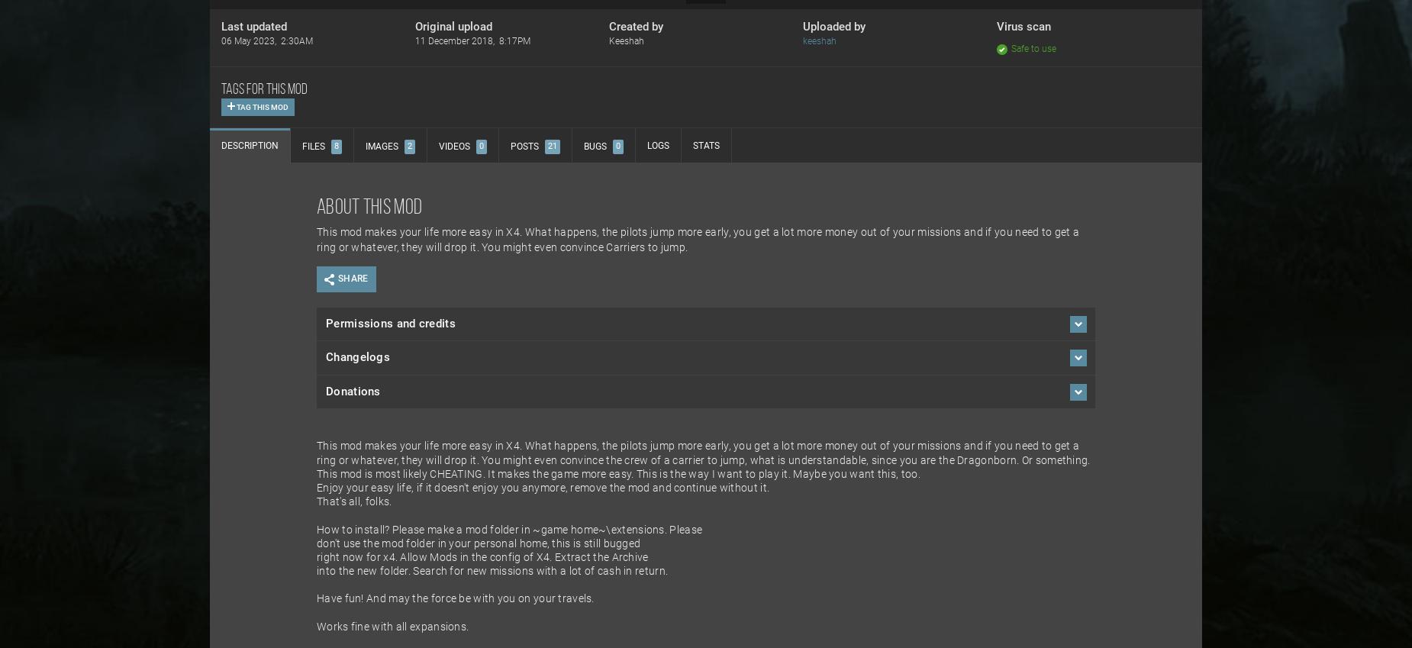 This screenshot has width=1412, height=648. Describe the element at coordinates (260, 106) in the screenshot. I see `'Tag this mod'` at that location.